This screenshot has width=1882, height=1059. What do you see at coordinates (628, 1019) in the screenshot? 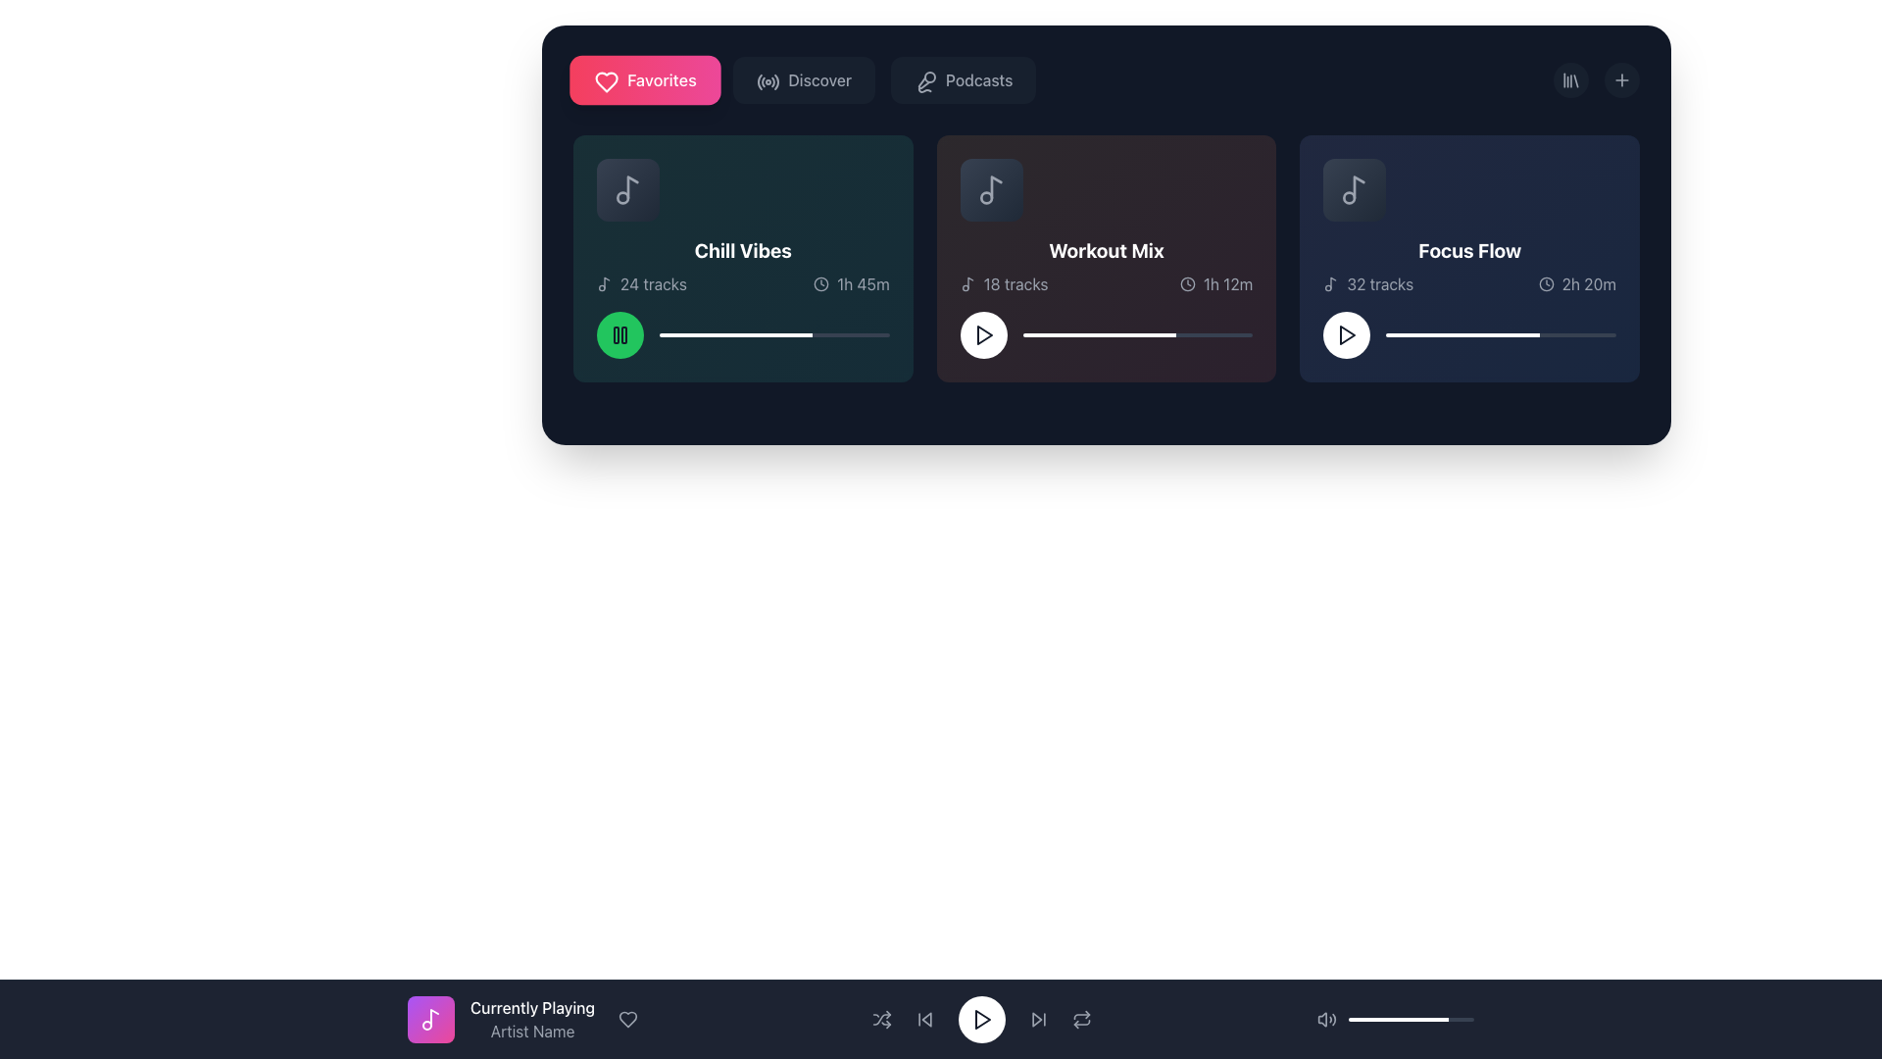
I see `the heart-shaped icon located in the player control bar next to the 'Currently Playing' text` at bounding box center [628, 1019].